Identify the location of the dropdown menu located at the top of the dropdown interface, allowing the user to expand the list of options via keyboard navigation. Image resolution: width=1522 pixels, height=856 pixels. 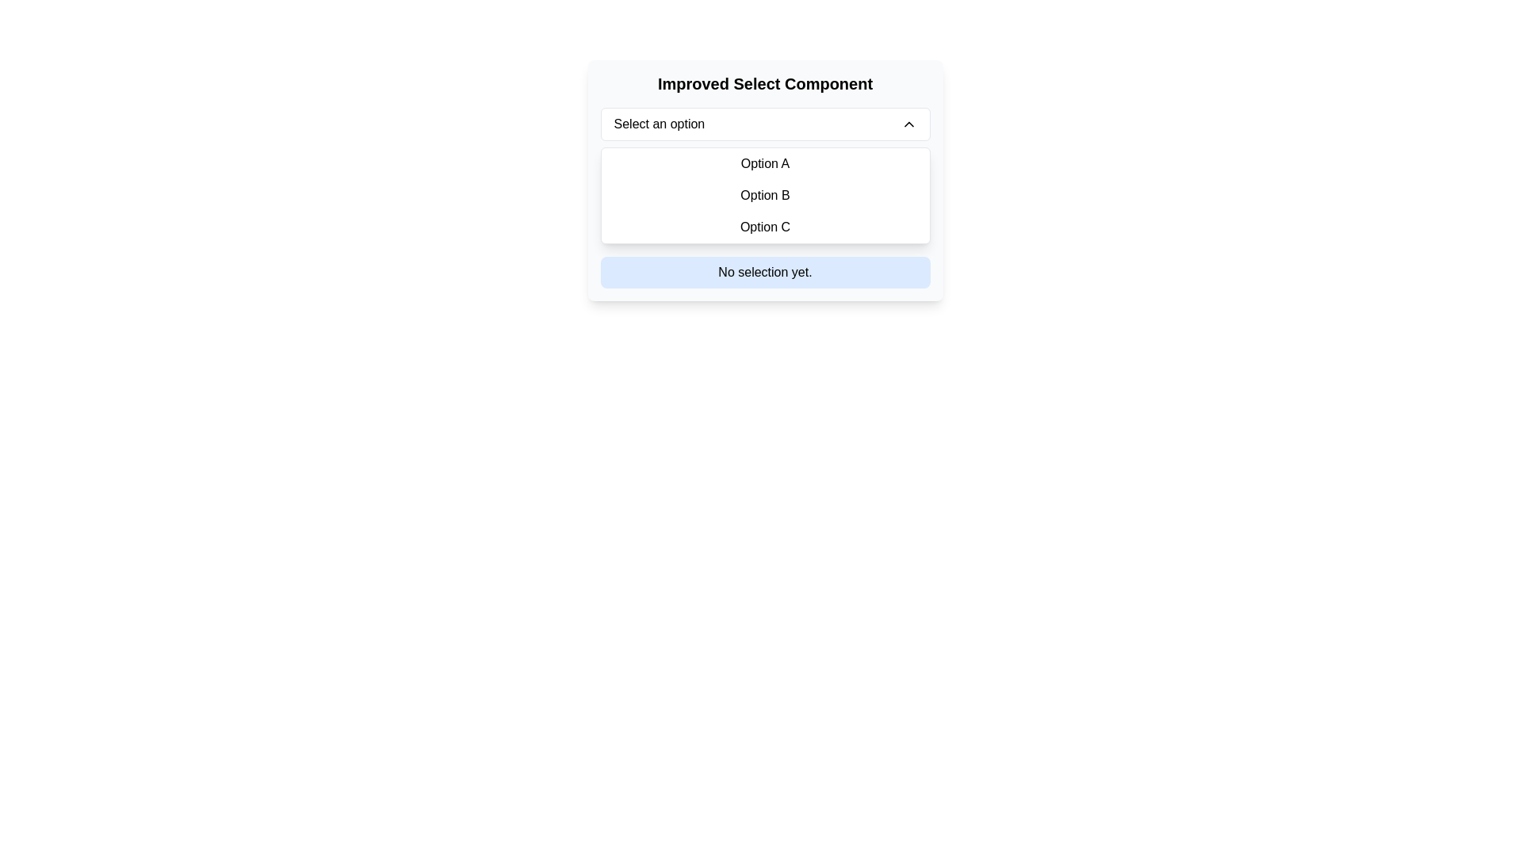
(765, 124).